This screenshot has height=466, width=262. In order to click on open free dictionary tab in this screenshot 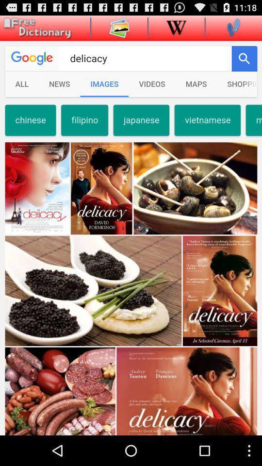, I will do `click(35, 28)`.